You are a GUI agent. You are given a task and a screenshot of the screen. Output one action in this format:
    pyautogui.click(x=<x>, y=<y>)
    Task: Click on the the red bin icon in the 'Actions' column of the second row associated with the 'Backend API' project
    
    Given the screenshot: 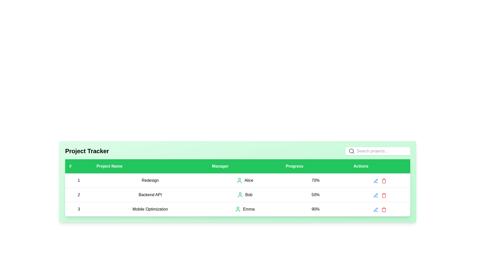 What is the action you would take?
    pyautogui.click(x=380, y=195)
    